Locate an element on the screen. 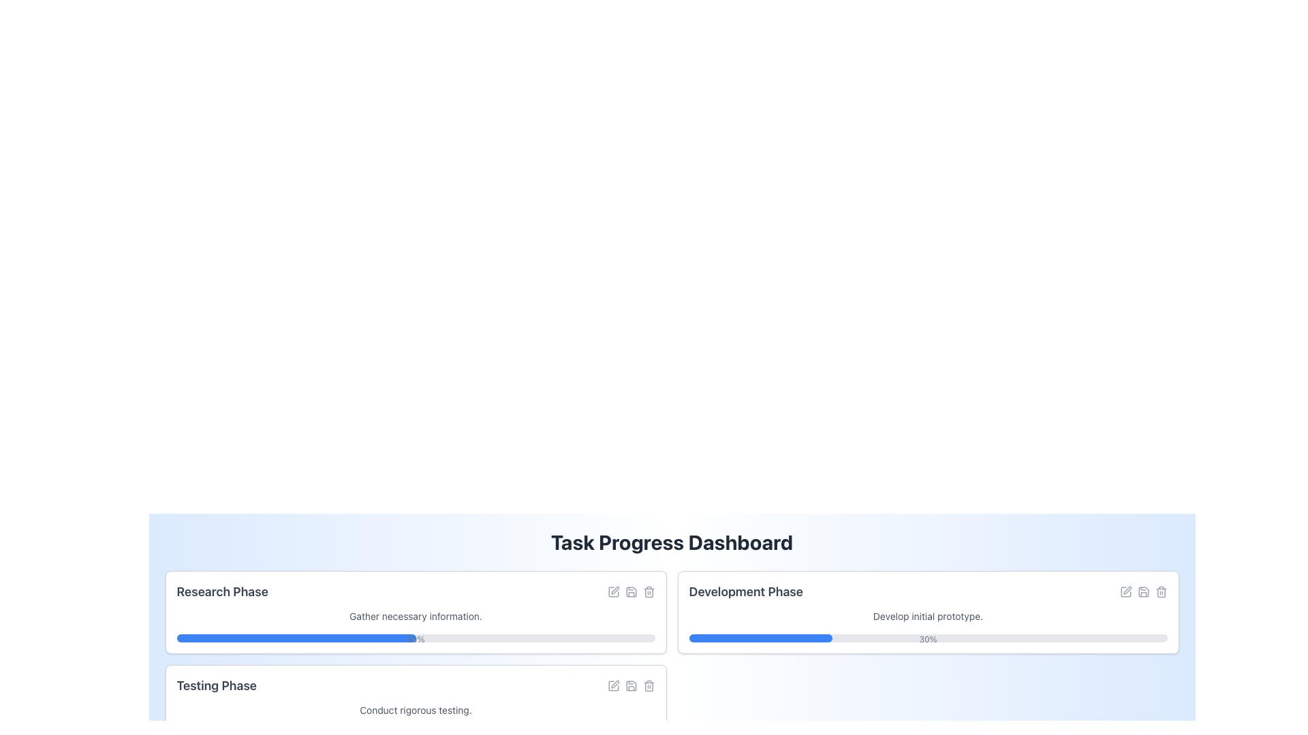 This screenshot has height=735, width=1308. the trash can icon button located is located at coordinates (648, 685).